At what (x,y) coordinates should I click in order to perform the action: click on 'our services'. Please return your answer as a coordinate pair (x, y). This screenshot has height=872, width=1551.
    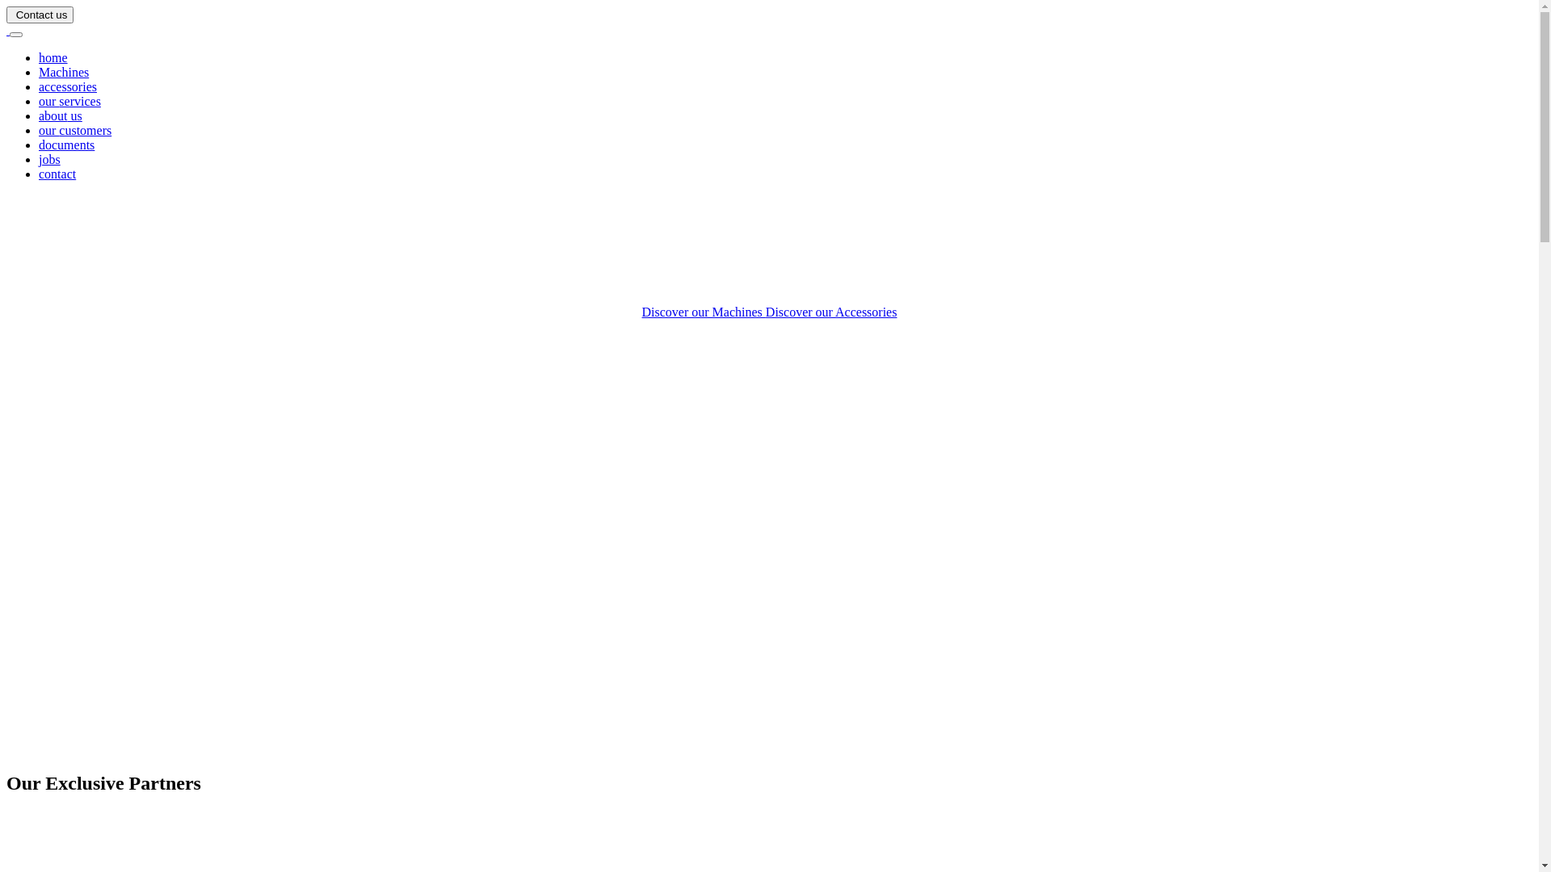
    Looking at the image, I should click on (69, 101).